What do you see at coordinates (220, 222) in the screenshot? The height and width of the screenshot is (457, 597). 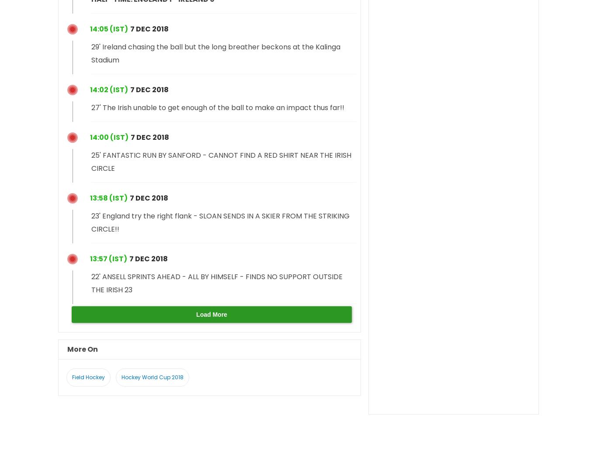 I see `'23' England try the right flank - SLOAN SENDS IN A SKIER FROM THE STRIKING CIRCLE!!'` at bounding box center [220, 222].